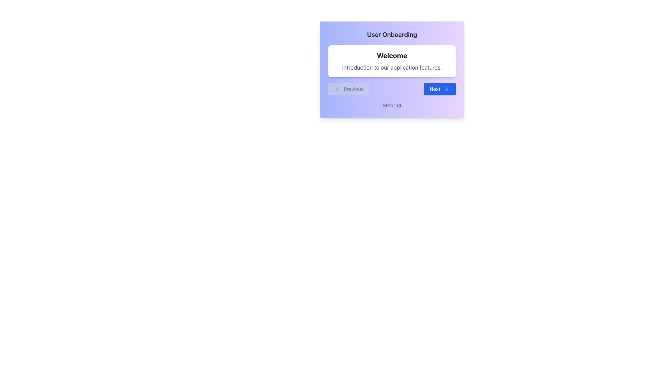 Image resolution: width=670 pixels, height=376 pixels. What do you see at coordinates (337, 88) in the screenshot?
I see `the leftward navigation icon within the 'Previous' button, indicating backward navigation functionality` at bounding box center [337, 88].